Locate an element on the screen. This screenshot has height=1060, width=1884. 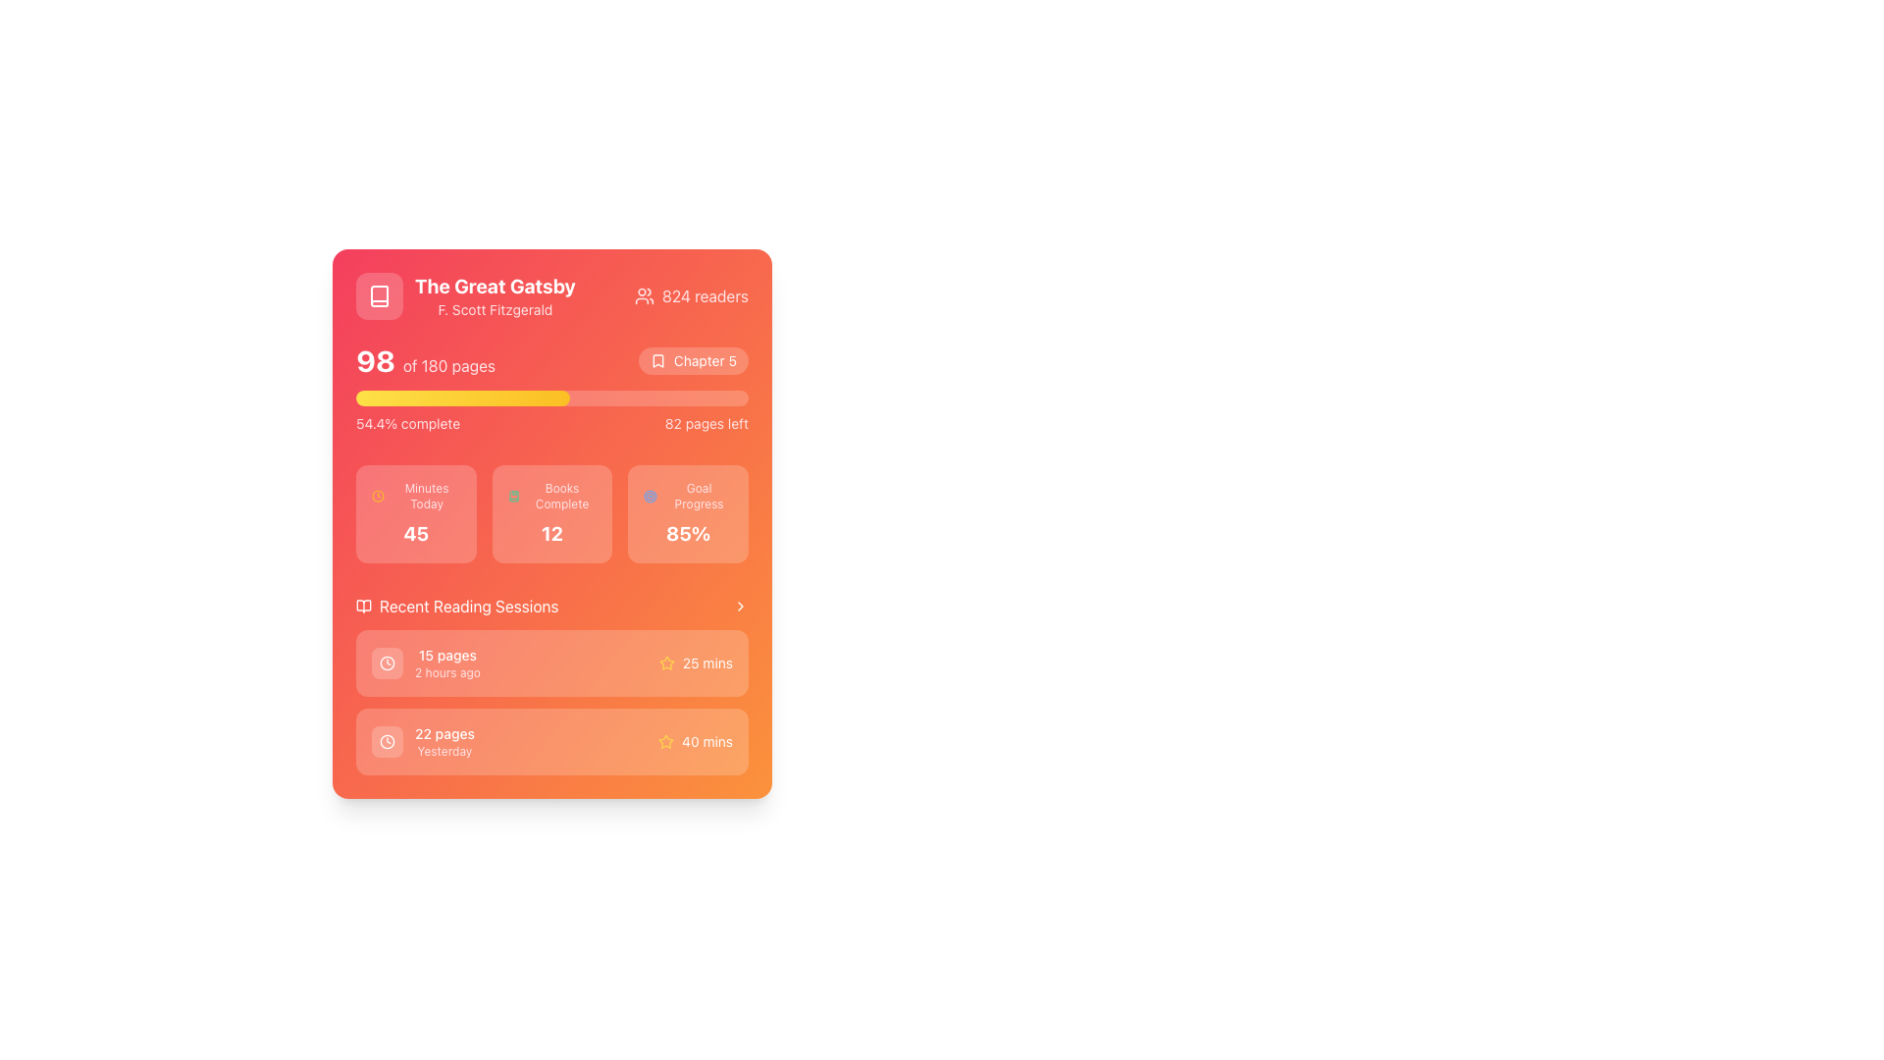
the star-shaped icon with a golden hue located in the bottom right corner of the card-like interface, beneath the '22 pages Yesterday' text area and aligned with the '40 mins' timestamp label is located at coordinates (666, 662).